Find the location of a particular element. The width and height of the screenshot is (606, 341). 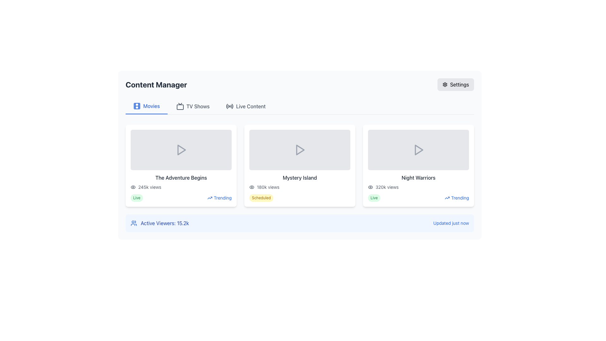

the 'Trending' label icon located in the bottom right corner of the card labeled 'The Adventure Begins', following the green 'Live' badge for visual context is located at coordinates (219, 198).